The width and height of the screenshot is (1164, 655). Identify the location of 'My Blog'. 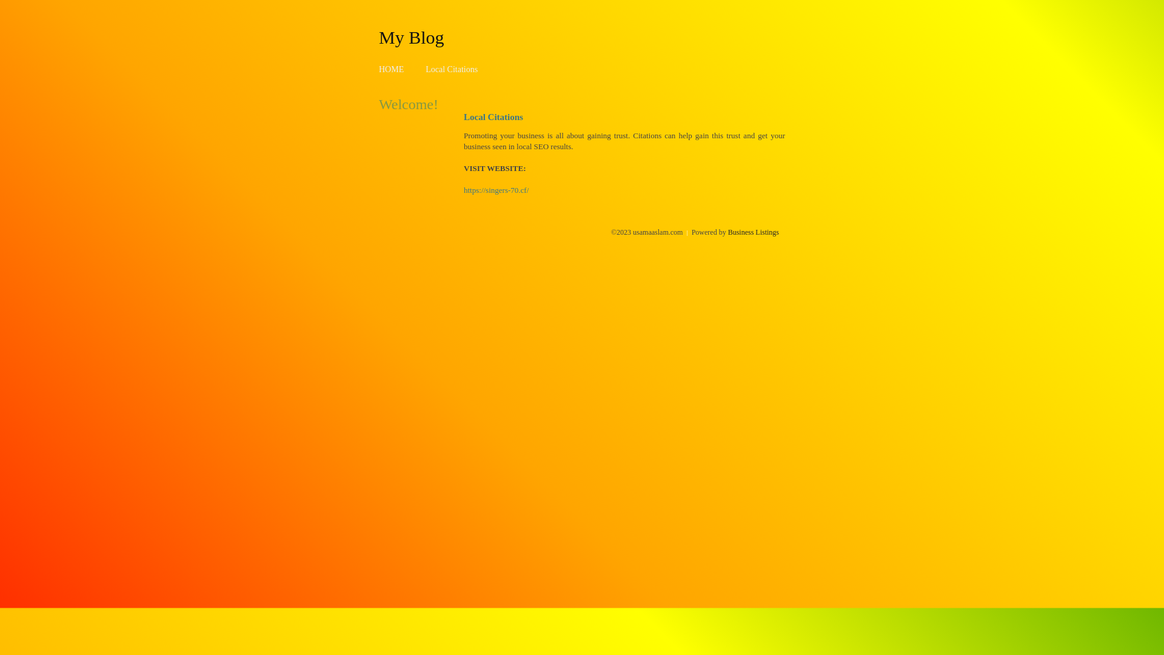
(411, 36).